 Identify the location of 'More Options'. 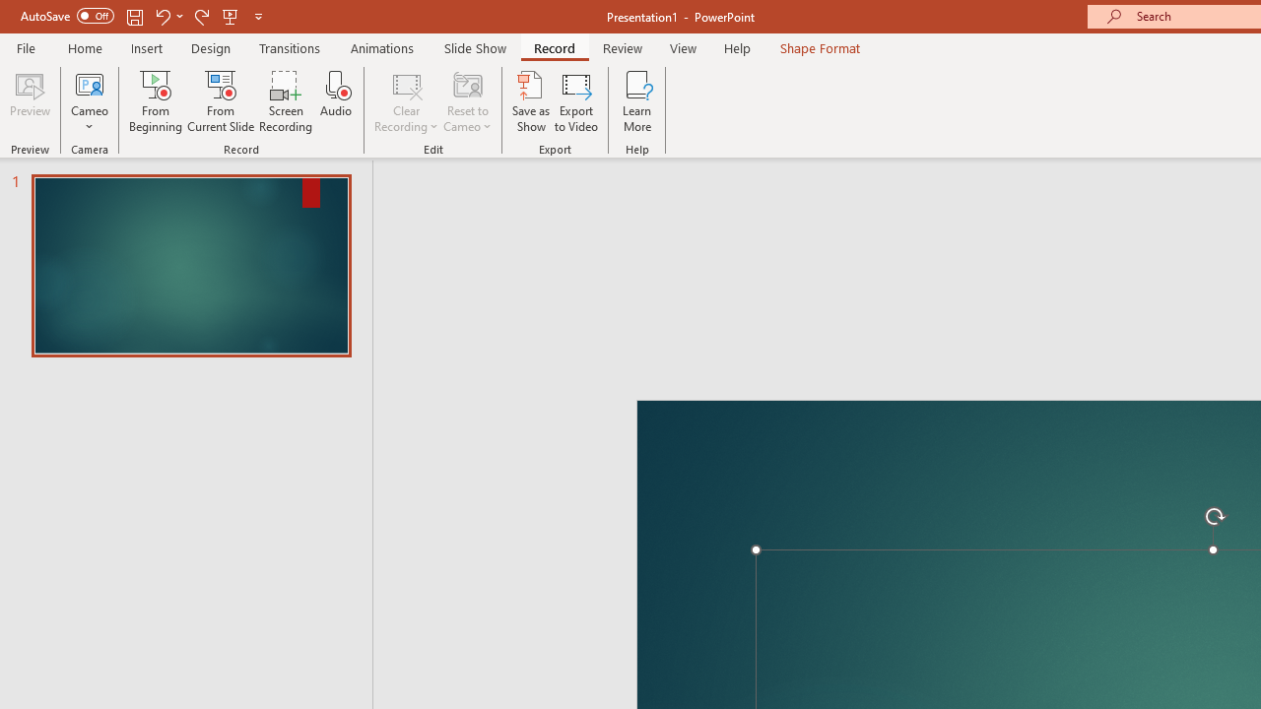
(89, 119).